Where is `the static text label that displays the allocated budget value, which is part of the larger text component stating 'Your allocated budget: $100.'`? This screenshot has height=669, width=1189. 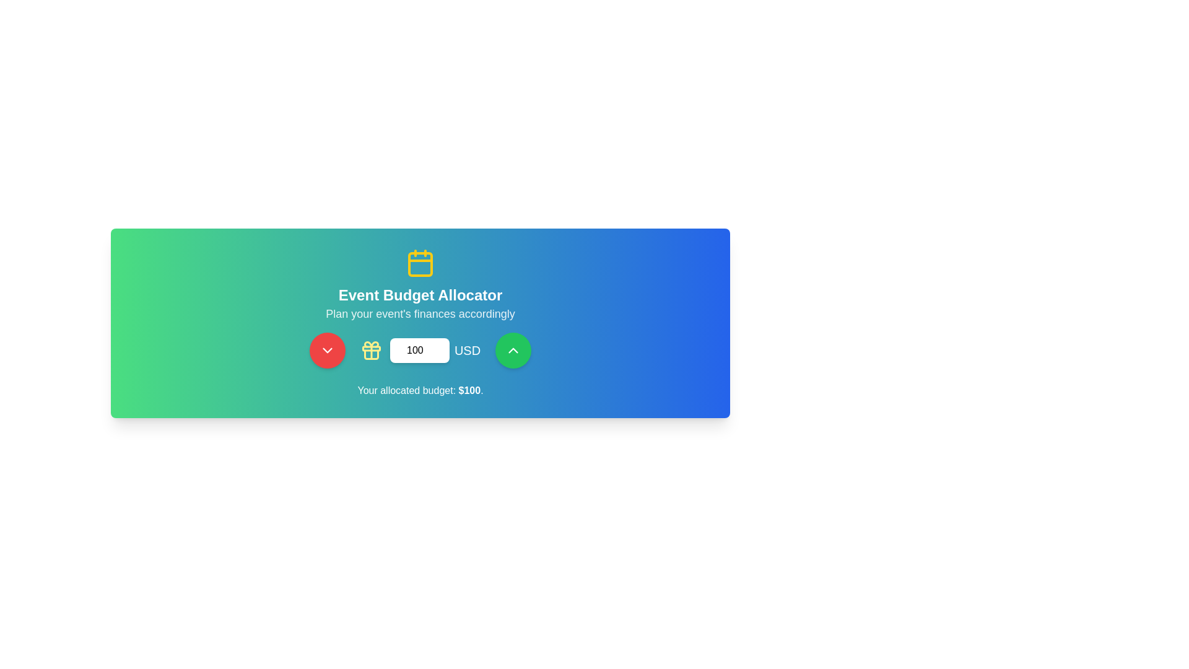
the static text label that displays the allocated budget value, which is part of the larger text component stating 'Your allocated budget: $100.' is located at coordinates (469, 390).